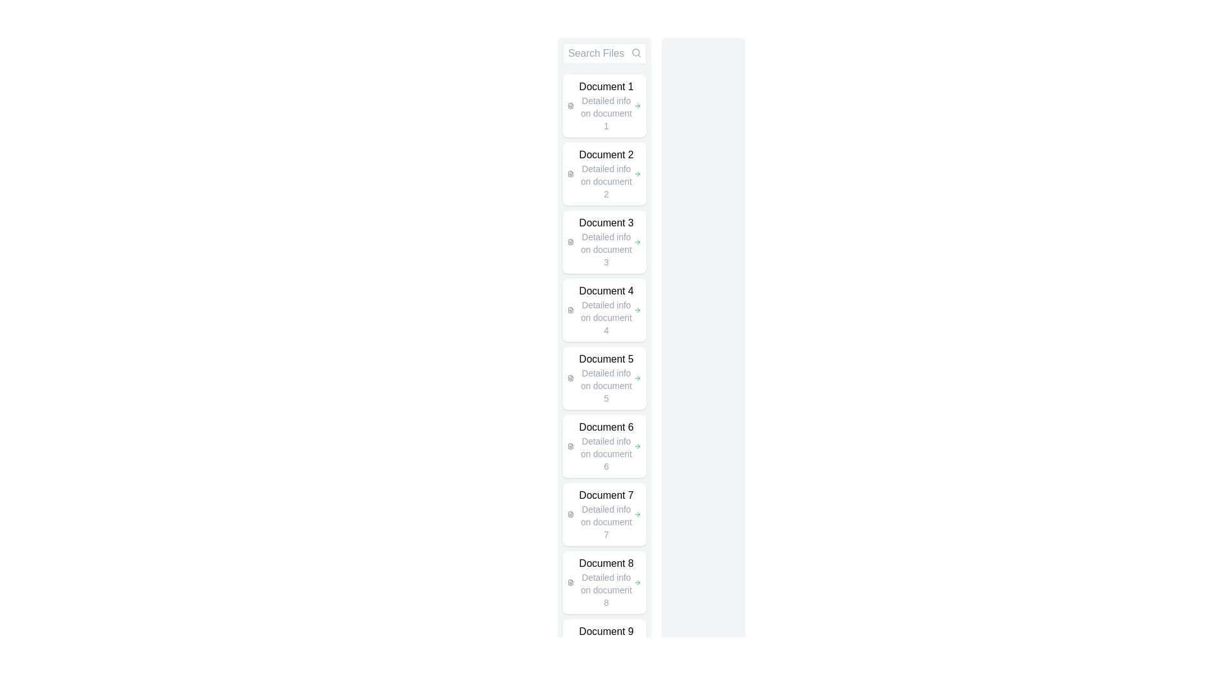  I want to click on the text label titled 'Document 7', so click(606, 495).